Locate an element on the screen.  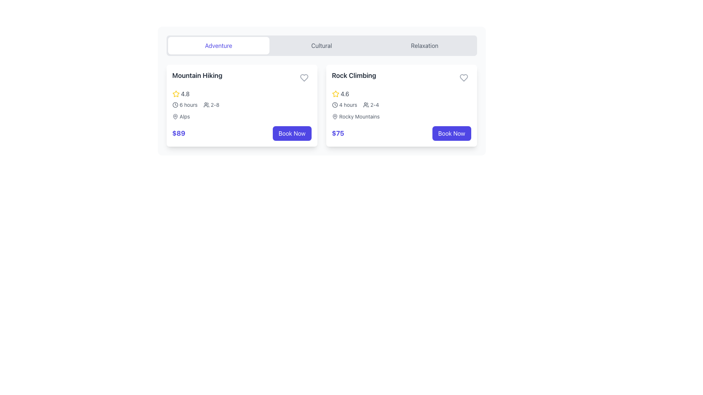
the small icon representing a group of people, which is located to the left of the text '2-4' in the group details section of the 'Rock Climbing' card is located at coordinates (366, 105).